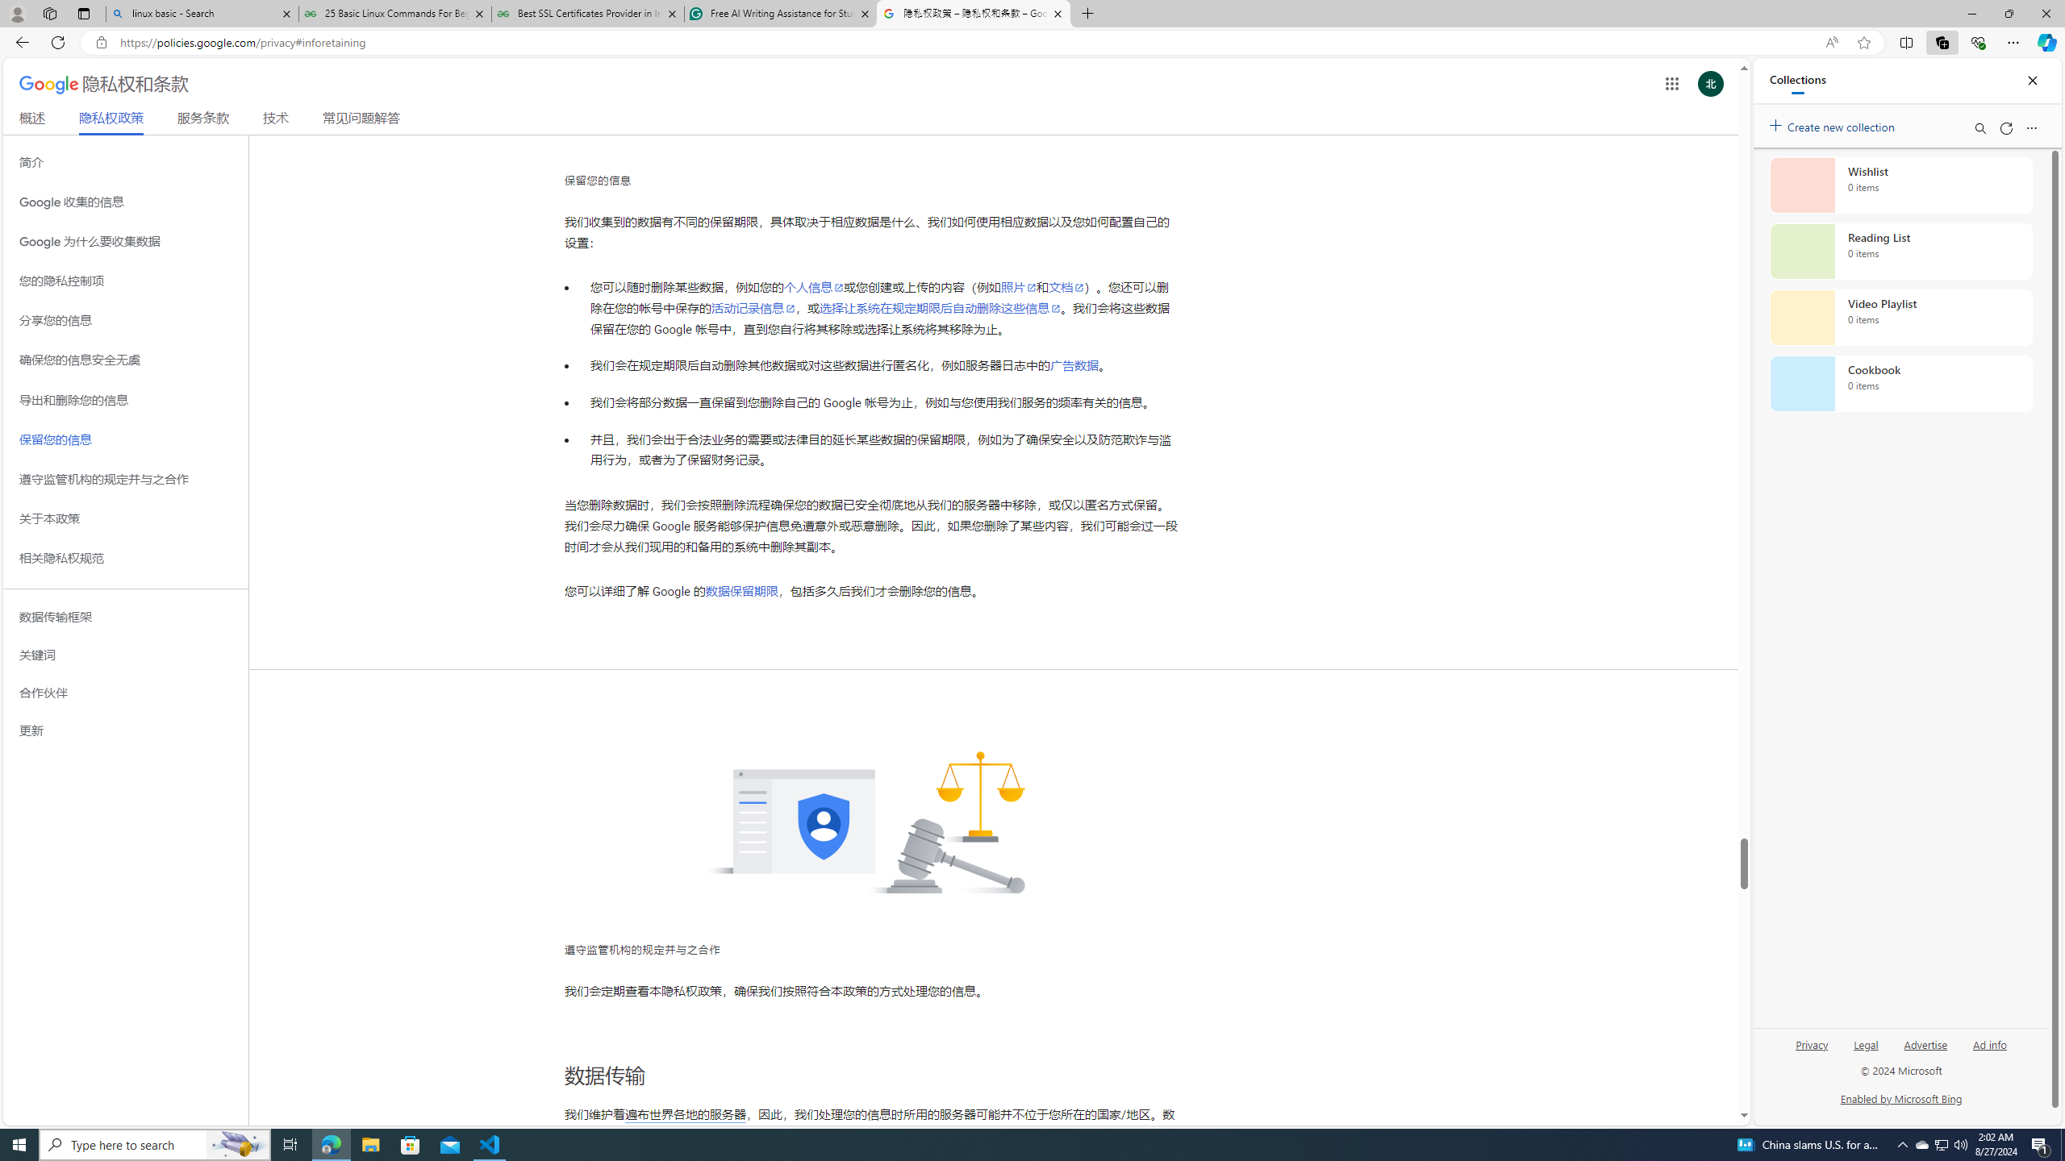 This screenshot has width=2065, height=1161. What do you see at coordinates (1834, 123) in the screenshot?
I see `'Create new collection'` at bounding box center [1834, 123].